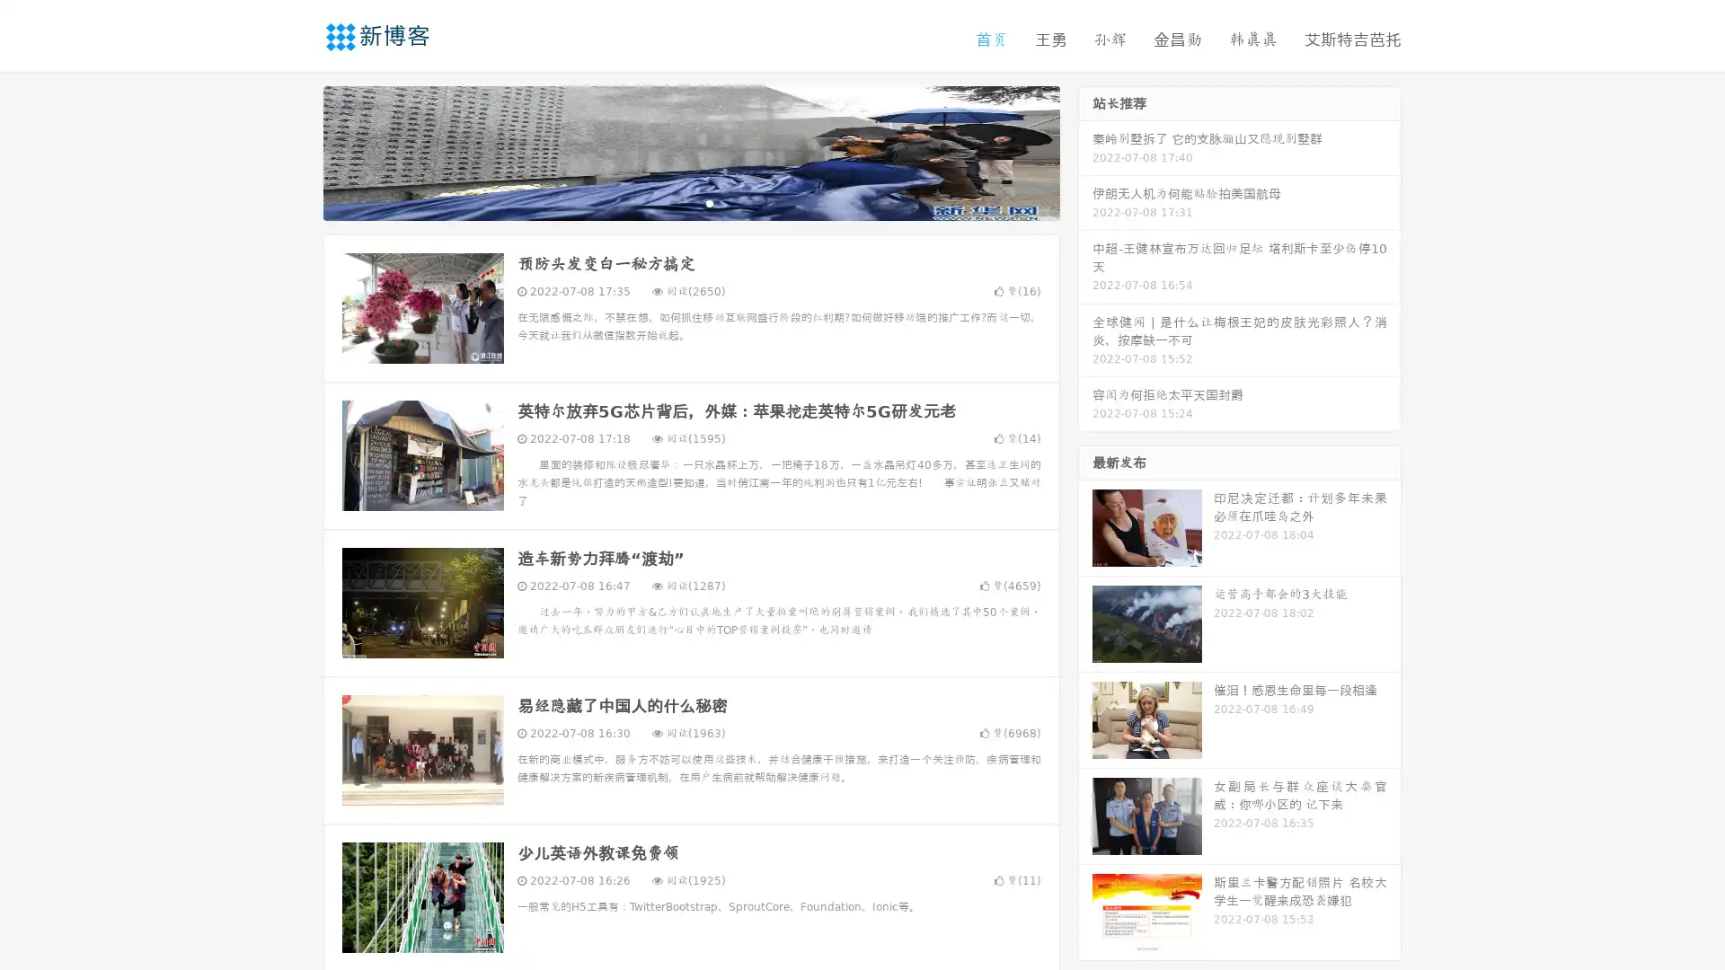 The height and width of the screenshot is (970, 1725). What do you see at coordinates (1085, 151) in the screenshot?
I see `Next slide` at bounding box center [1085, 151].